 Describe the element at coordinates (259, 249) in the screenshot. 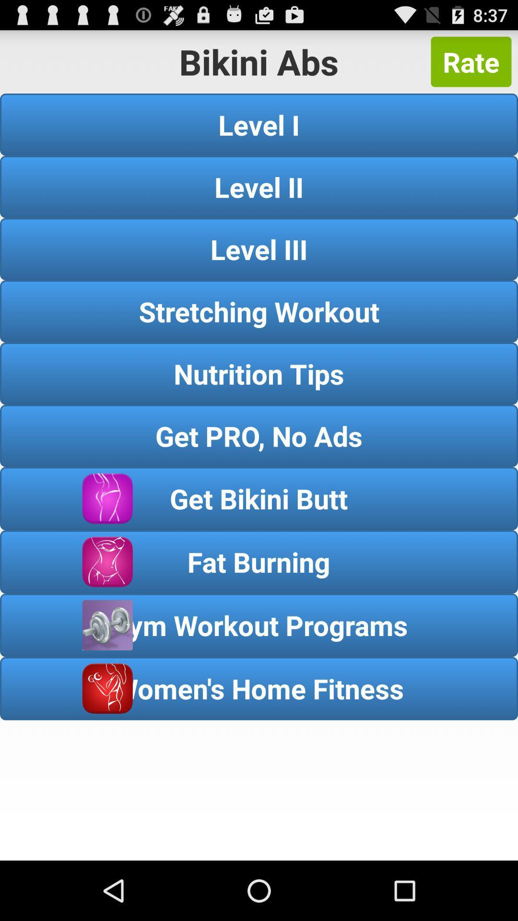

I see `the icon above the stretching workout` at that location.